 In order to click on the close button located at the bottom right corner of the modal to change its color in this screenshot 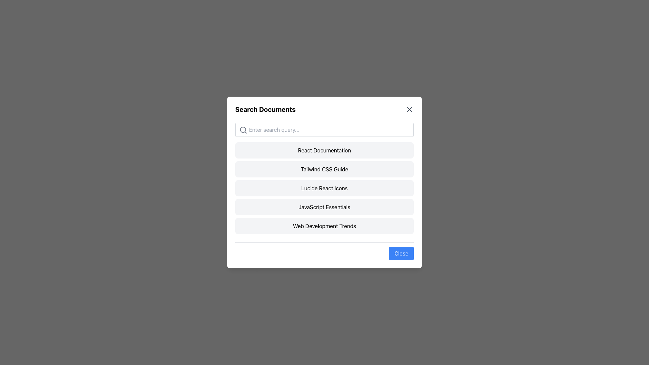, I will do `click(401, 253)`.